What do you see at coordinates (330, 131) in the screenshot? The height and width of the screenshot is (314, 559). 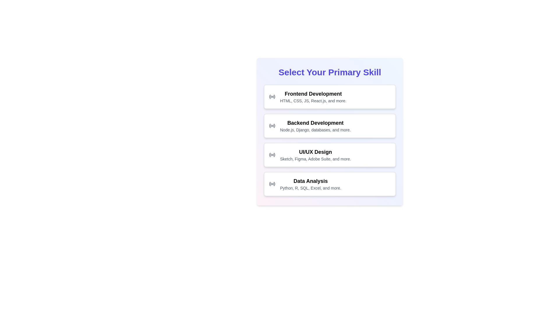 I see `the Selection card titled 'Backend Development', which is the second card in a vertical list of four cards` at bounding box center [330, 131].